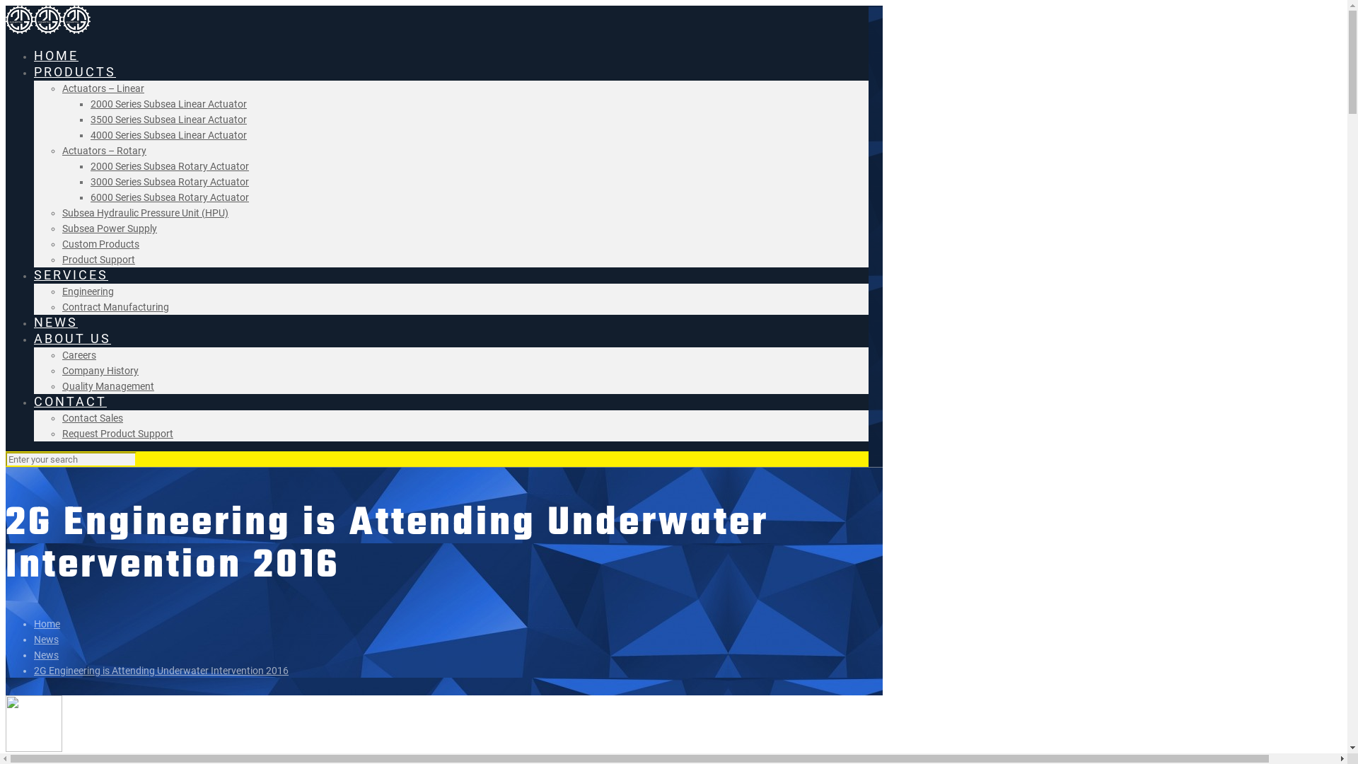 This screenshot has width=1358, height=764. I want to click on 'Quality Management', so click(108, 386).